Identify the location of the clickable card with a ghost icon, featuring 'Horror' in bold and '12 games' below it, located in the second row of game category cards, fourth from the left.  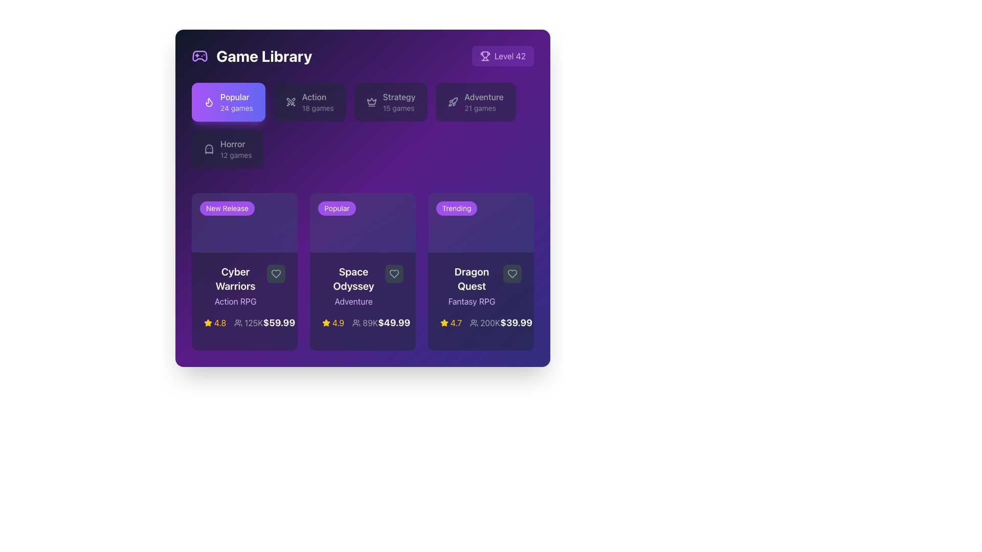
(227, 149).